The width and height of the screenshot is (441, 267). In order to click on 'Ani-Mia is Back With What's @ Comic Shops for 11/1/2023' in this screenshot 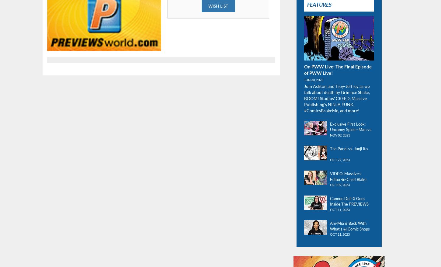, I will do `click(349, 229)`.